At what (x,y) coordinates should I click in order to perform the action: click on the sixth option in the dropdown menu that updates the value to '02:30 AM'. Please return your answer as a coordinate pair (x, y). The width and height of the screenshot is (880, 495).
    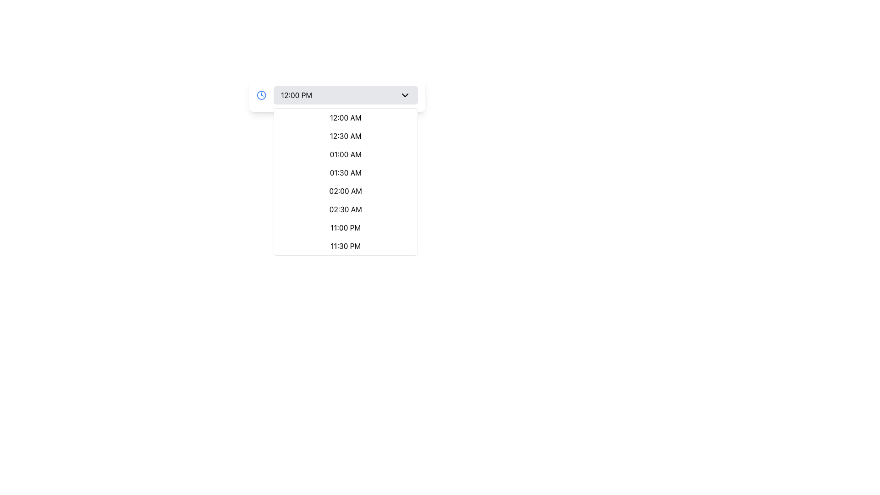
    Looking at the image, I should click on (345, 209).